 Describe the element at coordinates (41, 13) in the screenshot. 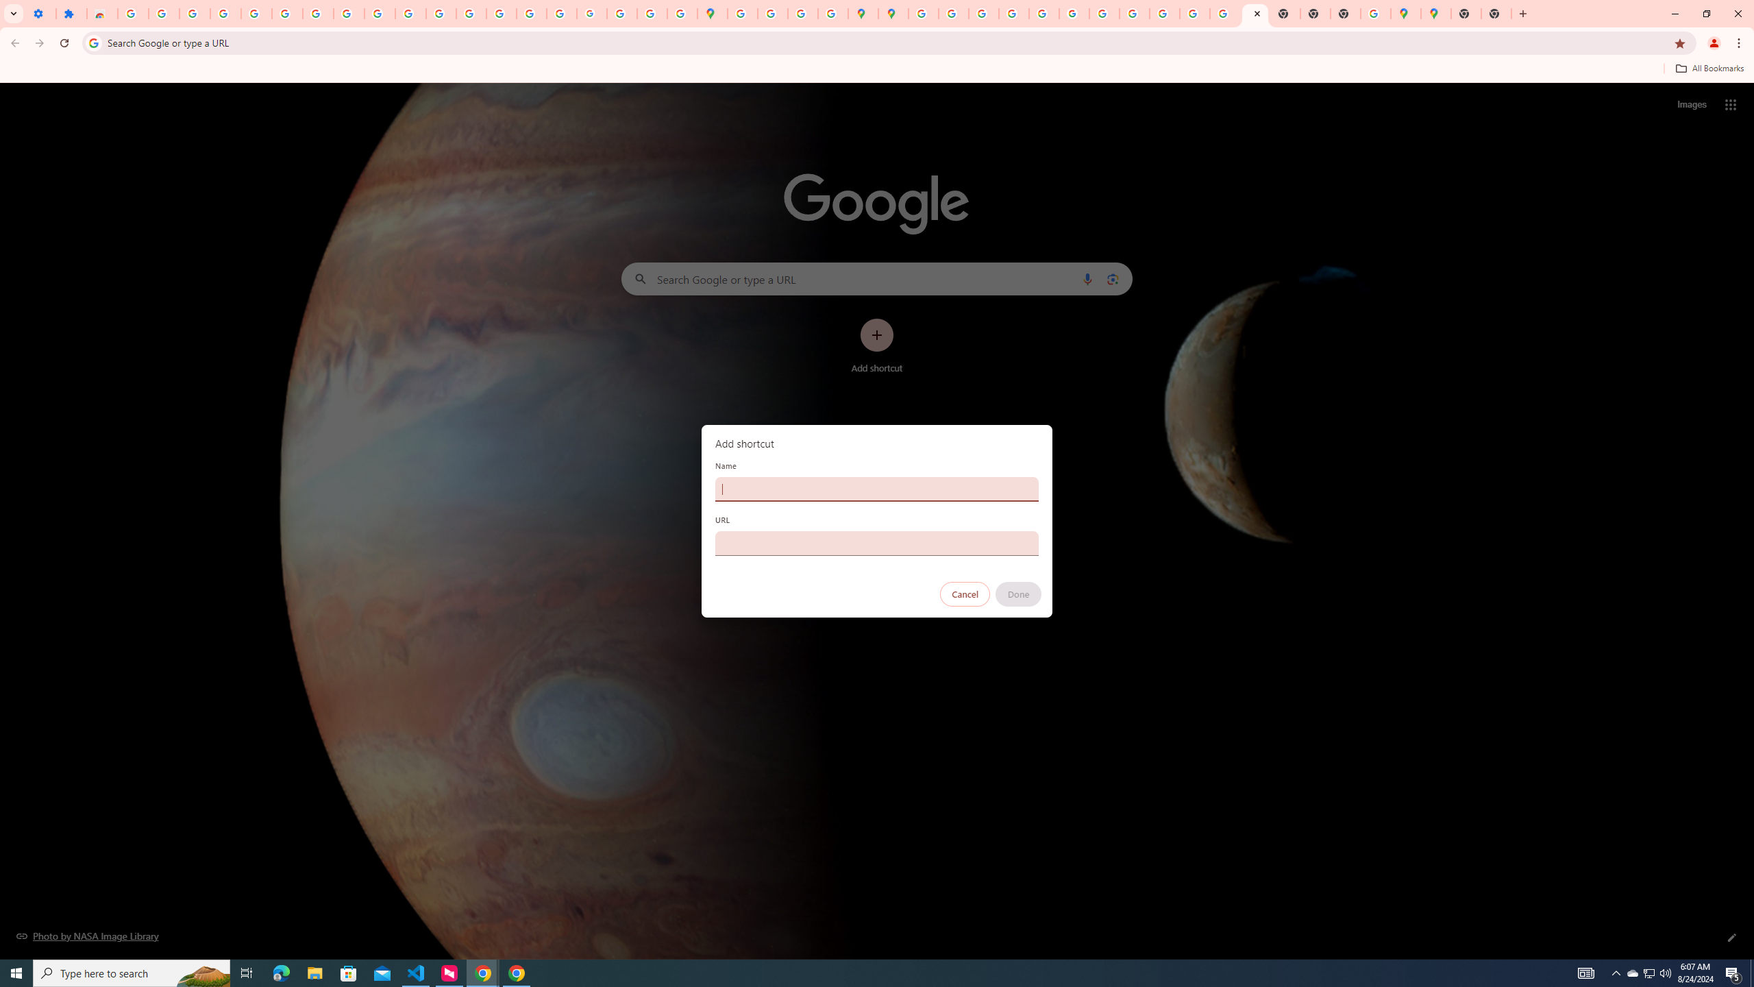

I see `'Settings - On startup'` at that location.